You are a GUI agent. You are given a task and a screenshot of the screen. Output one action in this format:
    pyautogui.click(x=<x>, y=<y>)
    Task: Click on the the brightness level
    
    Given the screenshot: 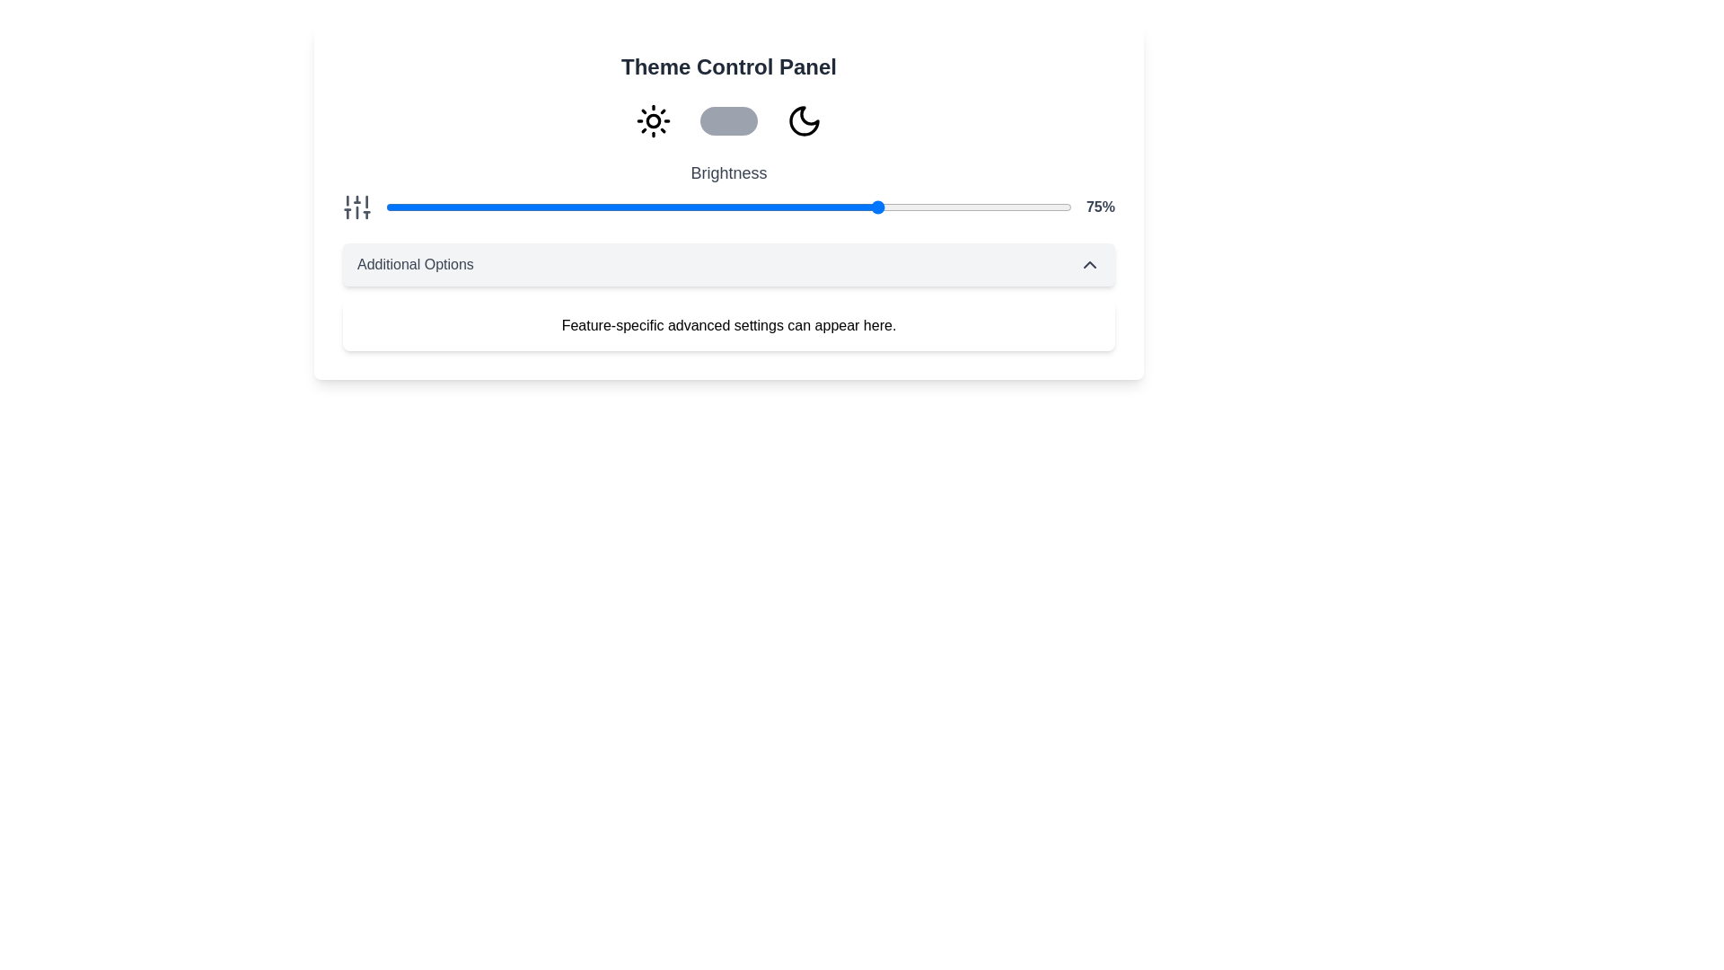 What is the action you would take?
    pyautogui.click(x=492, y=207)
    